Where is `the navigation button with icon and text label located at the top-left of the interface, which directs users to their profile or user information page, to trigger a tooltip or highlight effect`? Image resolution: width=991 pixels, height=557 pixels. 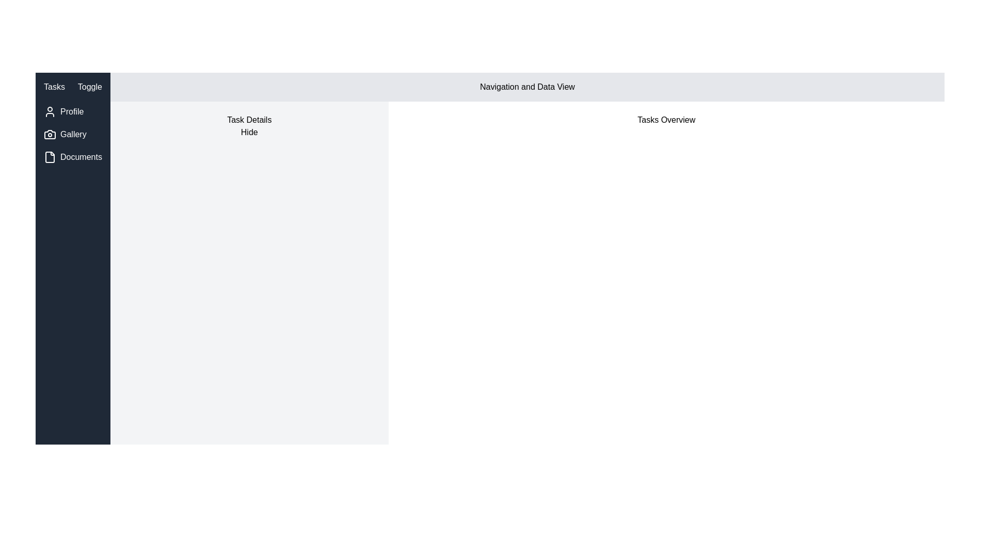
the navigation button with icon and text label located at the top-left of the interface, which directs users to their profile or user information page, to trigger a tooltip or highlight effect is located at coordinates (72, 111).